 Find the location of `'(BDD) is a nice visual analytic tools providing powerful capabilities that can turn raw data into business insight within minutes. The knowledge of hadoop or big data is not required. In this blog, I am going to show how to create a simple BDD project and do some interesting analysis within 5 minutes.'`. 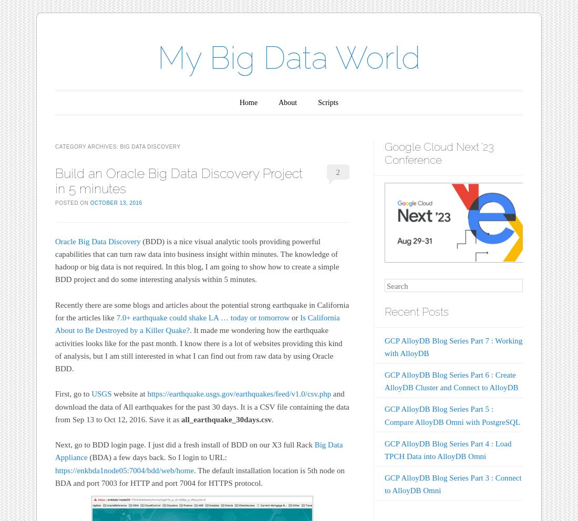

'(BDD) is a nice visual analytic tools providing powerful capabilities that can turn raw data into business insight within minutes. The knowledge of hadoop or big data is not required. In this blog, I am going to show how to create a simple BDD project and do some interesting analysis within 5 minutes.' is located at coordinates (197, 260).